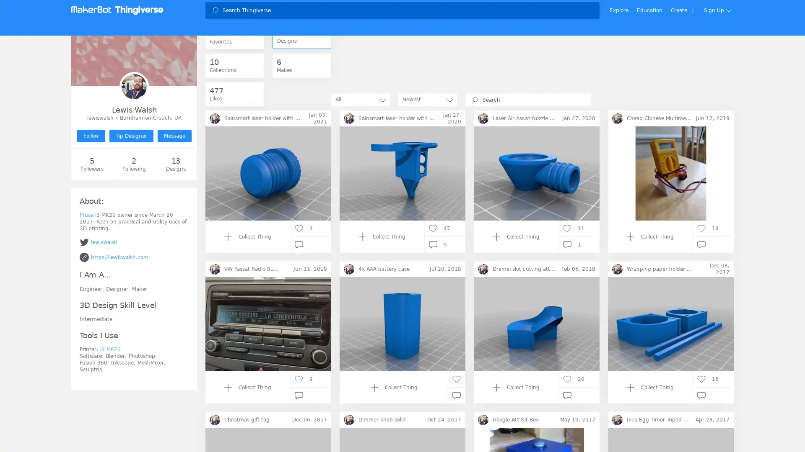 This screenshot has width=805, height=452. Describe the element at coordinates (683, 10) in the screenshot. I see `Create` at that location.